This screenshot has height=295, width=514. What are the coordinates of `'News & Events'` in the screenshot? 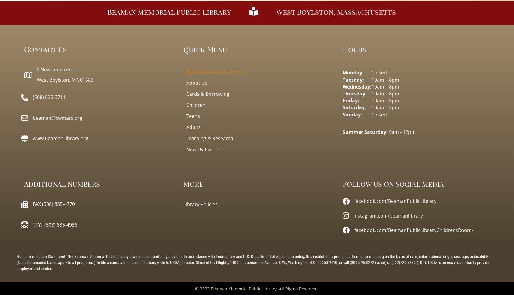 It's located at (203, 149).